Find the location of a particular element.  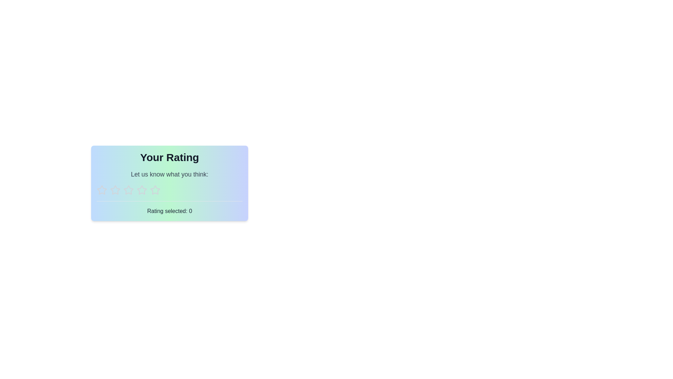

the static text label that says 'Let us know what you think:', which is styled in gray and located centrally within a gradient card, positioned below the title 'Your Rating' and above a row of stars is located at coordinates (170, 174).